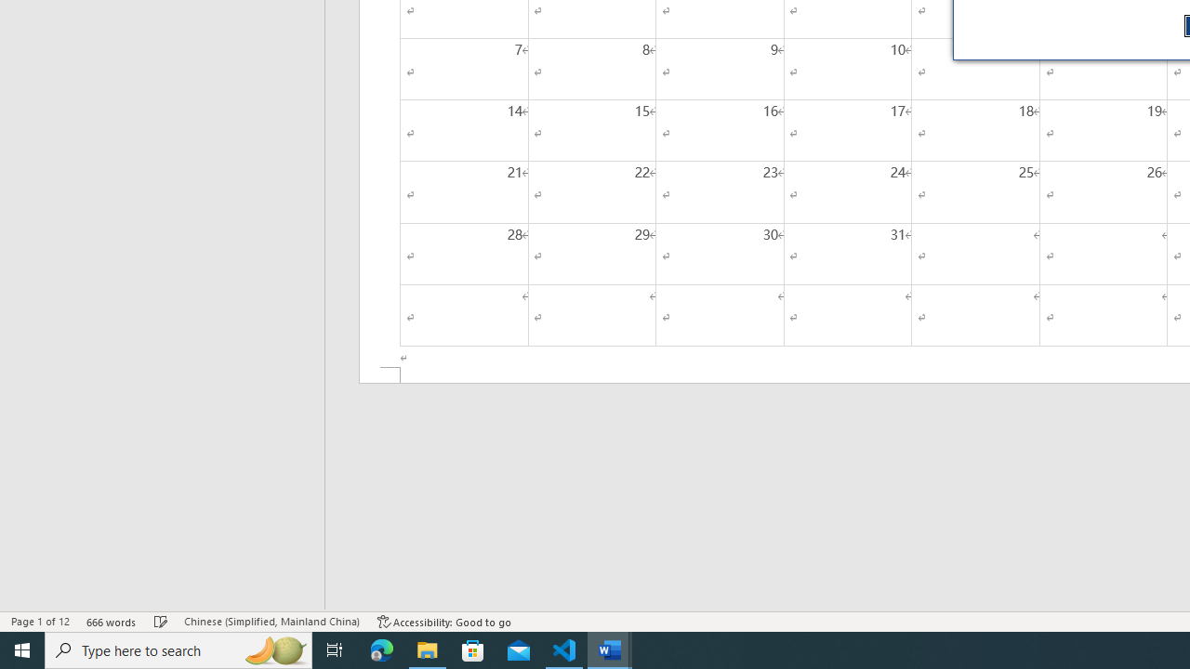 The width and height of the screenshot is (1190, 669). Describe the element at coordinates (271, 622) in the screenshot. I see `'Language Chinese (Simplified, Mainland China)'` at that location.